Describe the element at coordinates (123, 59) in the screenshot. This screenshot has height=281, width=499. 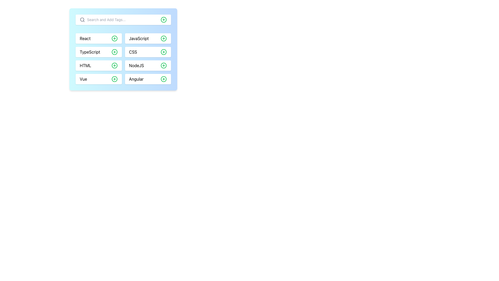
I see `the green circular '+' icon located in a cell of the grid layout containing selectable items such as 'React', 'JavaScript', and 'CSS'` at that location.